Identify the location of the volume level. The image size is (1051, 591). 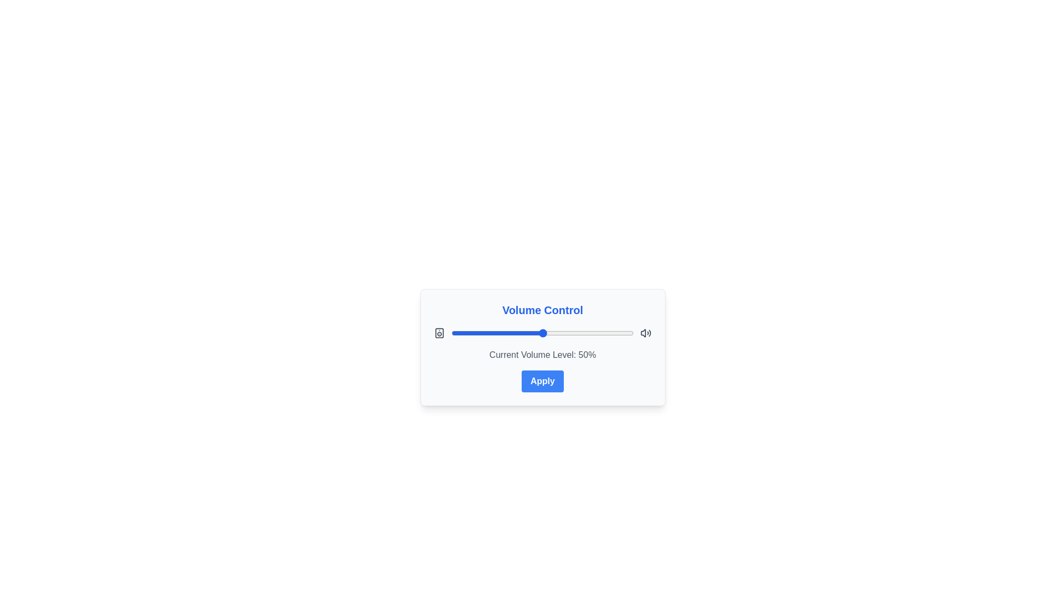
(464, 333).